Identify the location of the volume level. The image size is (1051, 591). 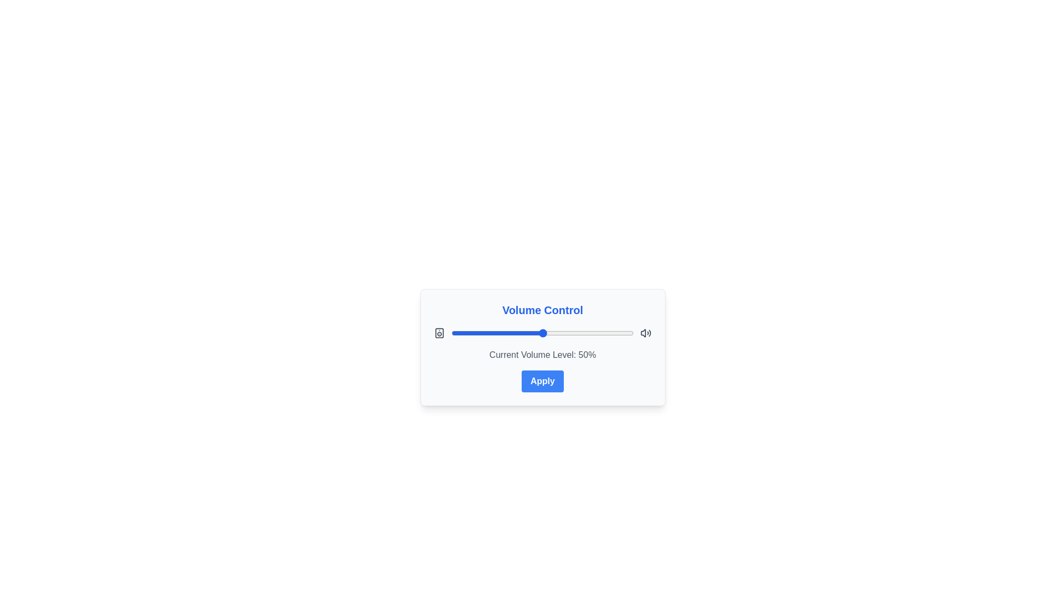
(464, 333).